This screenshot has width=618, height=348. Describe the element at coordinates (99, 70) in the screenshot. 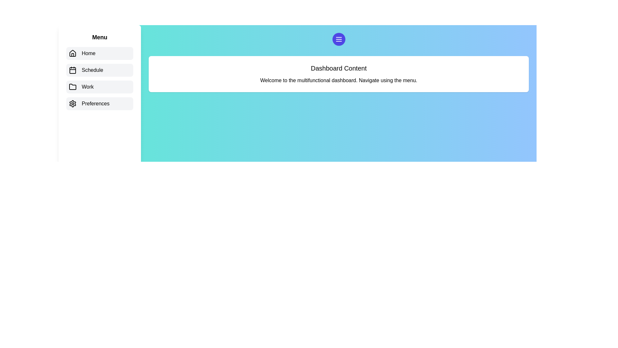

I see `the menu item corresponding to Schedule` at that location.